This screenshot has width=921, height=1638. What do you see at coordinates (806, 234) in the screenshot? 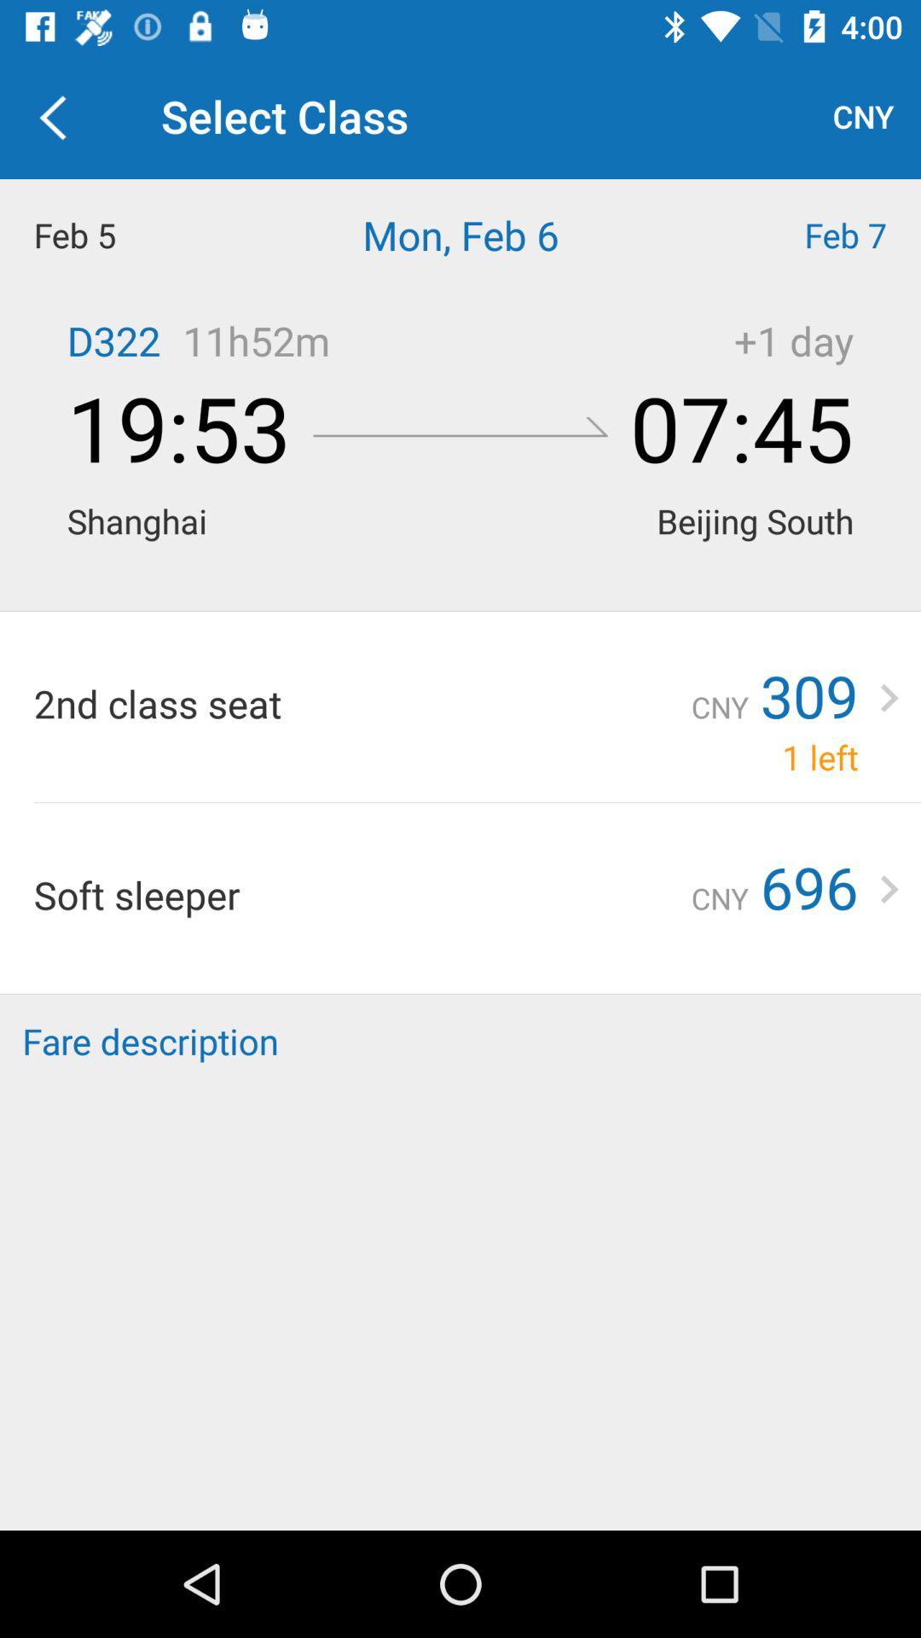
I see `the icon next to the mon, feb 6 icon` at bounding box center [806, 234].